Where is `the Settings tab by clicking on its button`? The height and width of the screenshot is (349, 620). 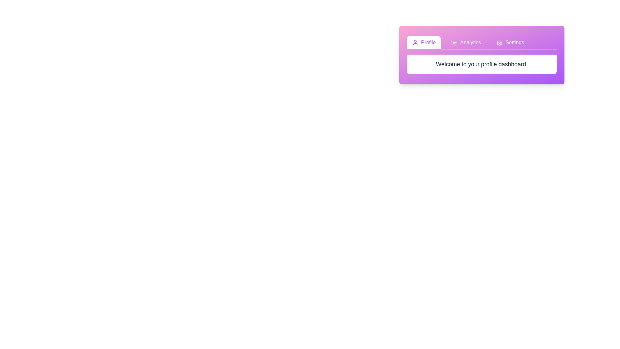 the Settings tab by clicking on its button is located at coordinates (510, 42).